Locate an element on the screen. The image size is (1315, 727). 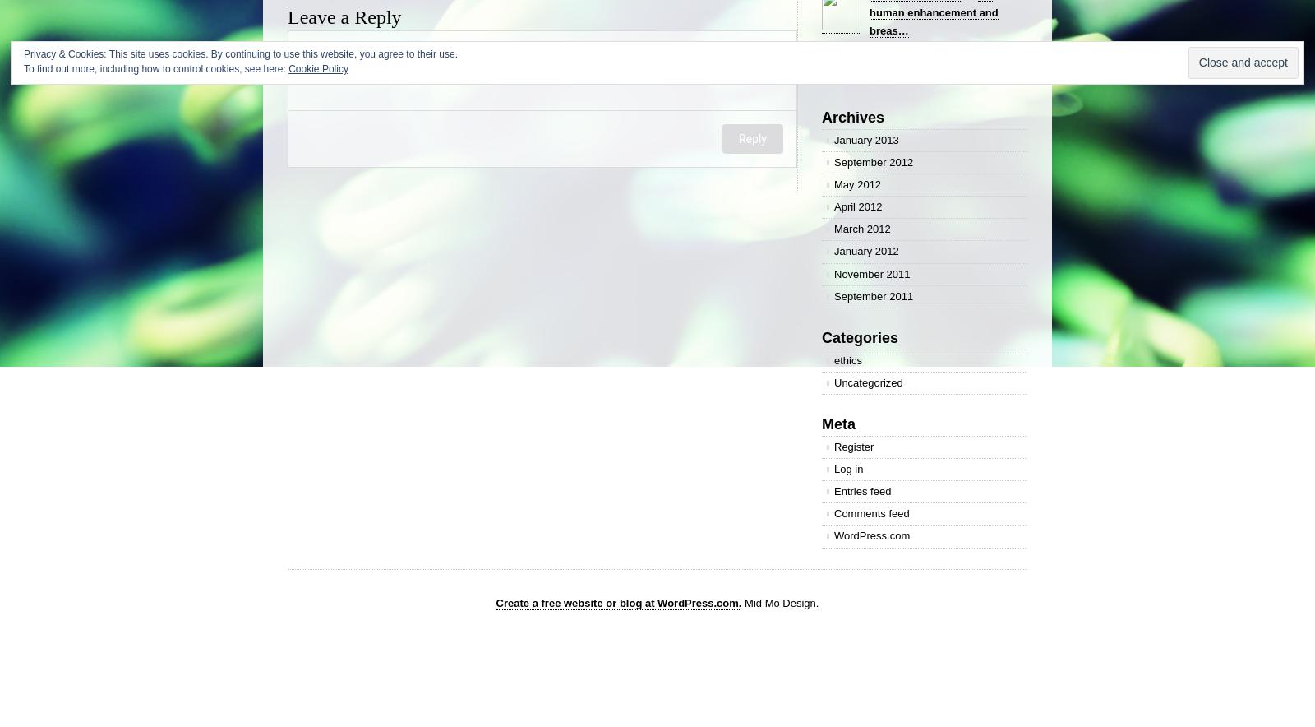
'Mid Mo Design.' is located at coordinates (778, 601).